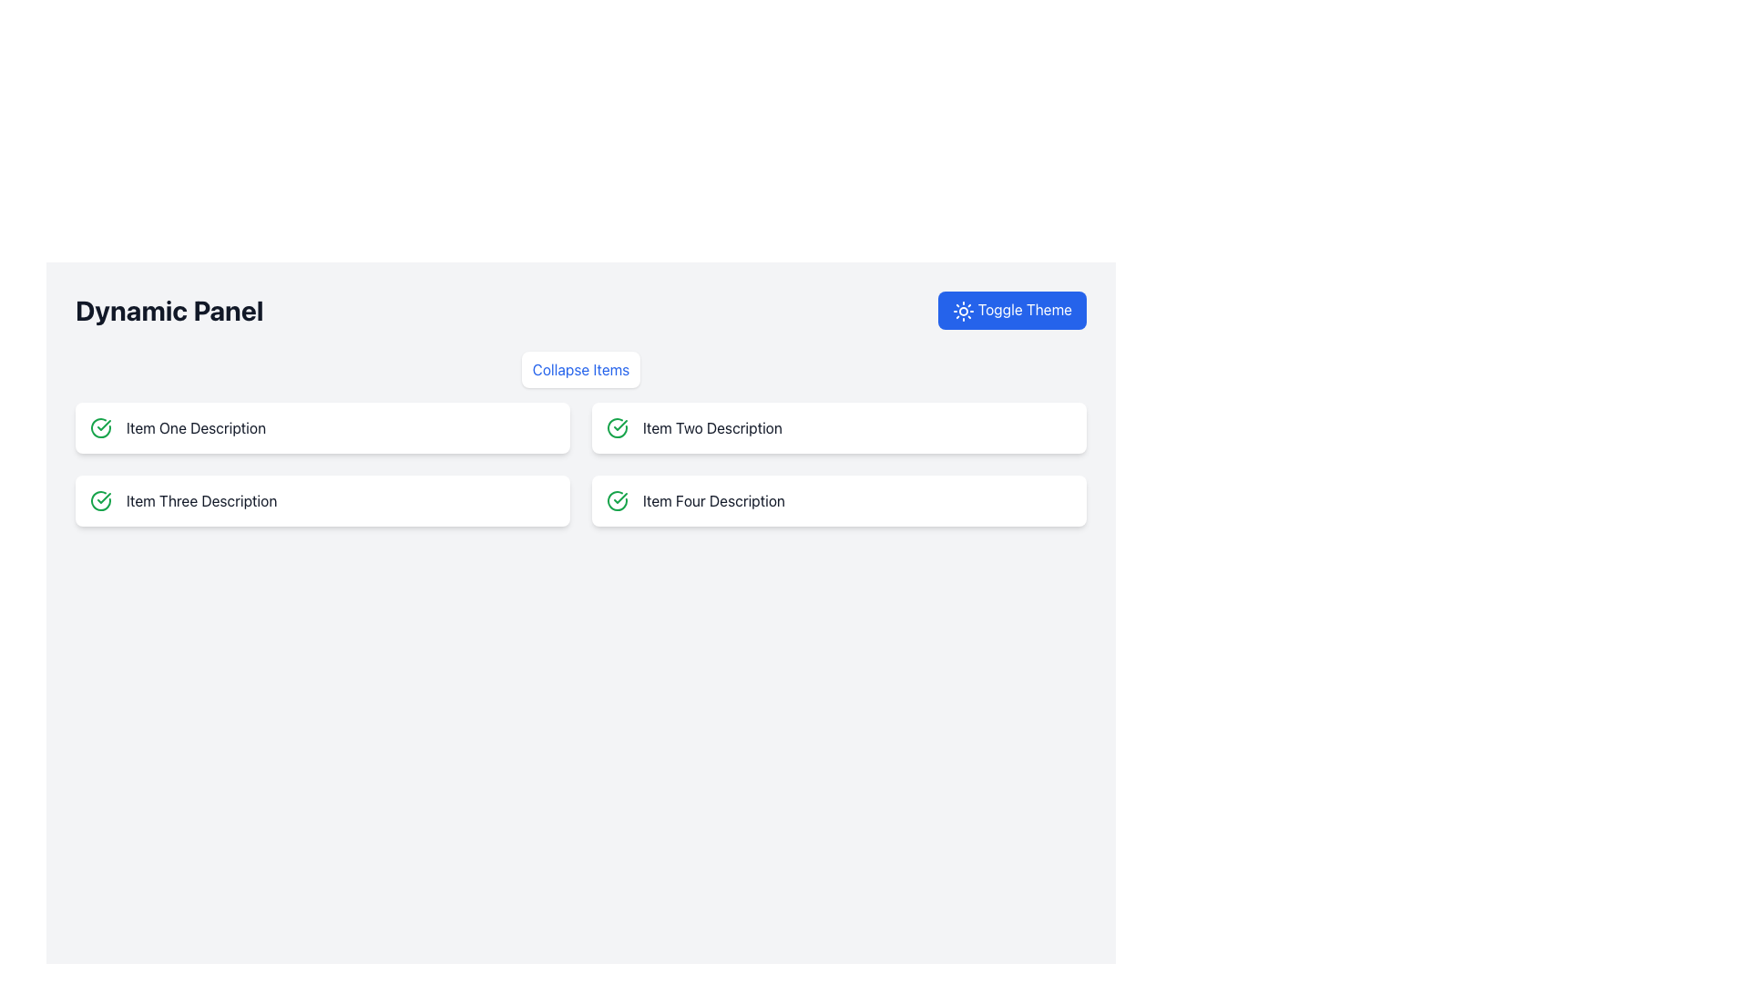 The width and height of the screenshot is (1749, 984). Describe the element at coordinates (617, 499) in the screenshot. I see `the circular icon with a green outline and a checkmark located to the left of 'Item Four Description' in the bottom-right card of the grid layout` at that location.